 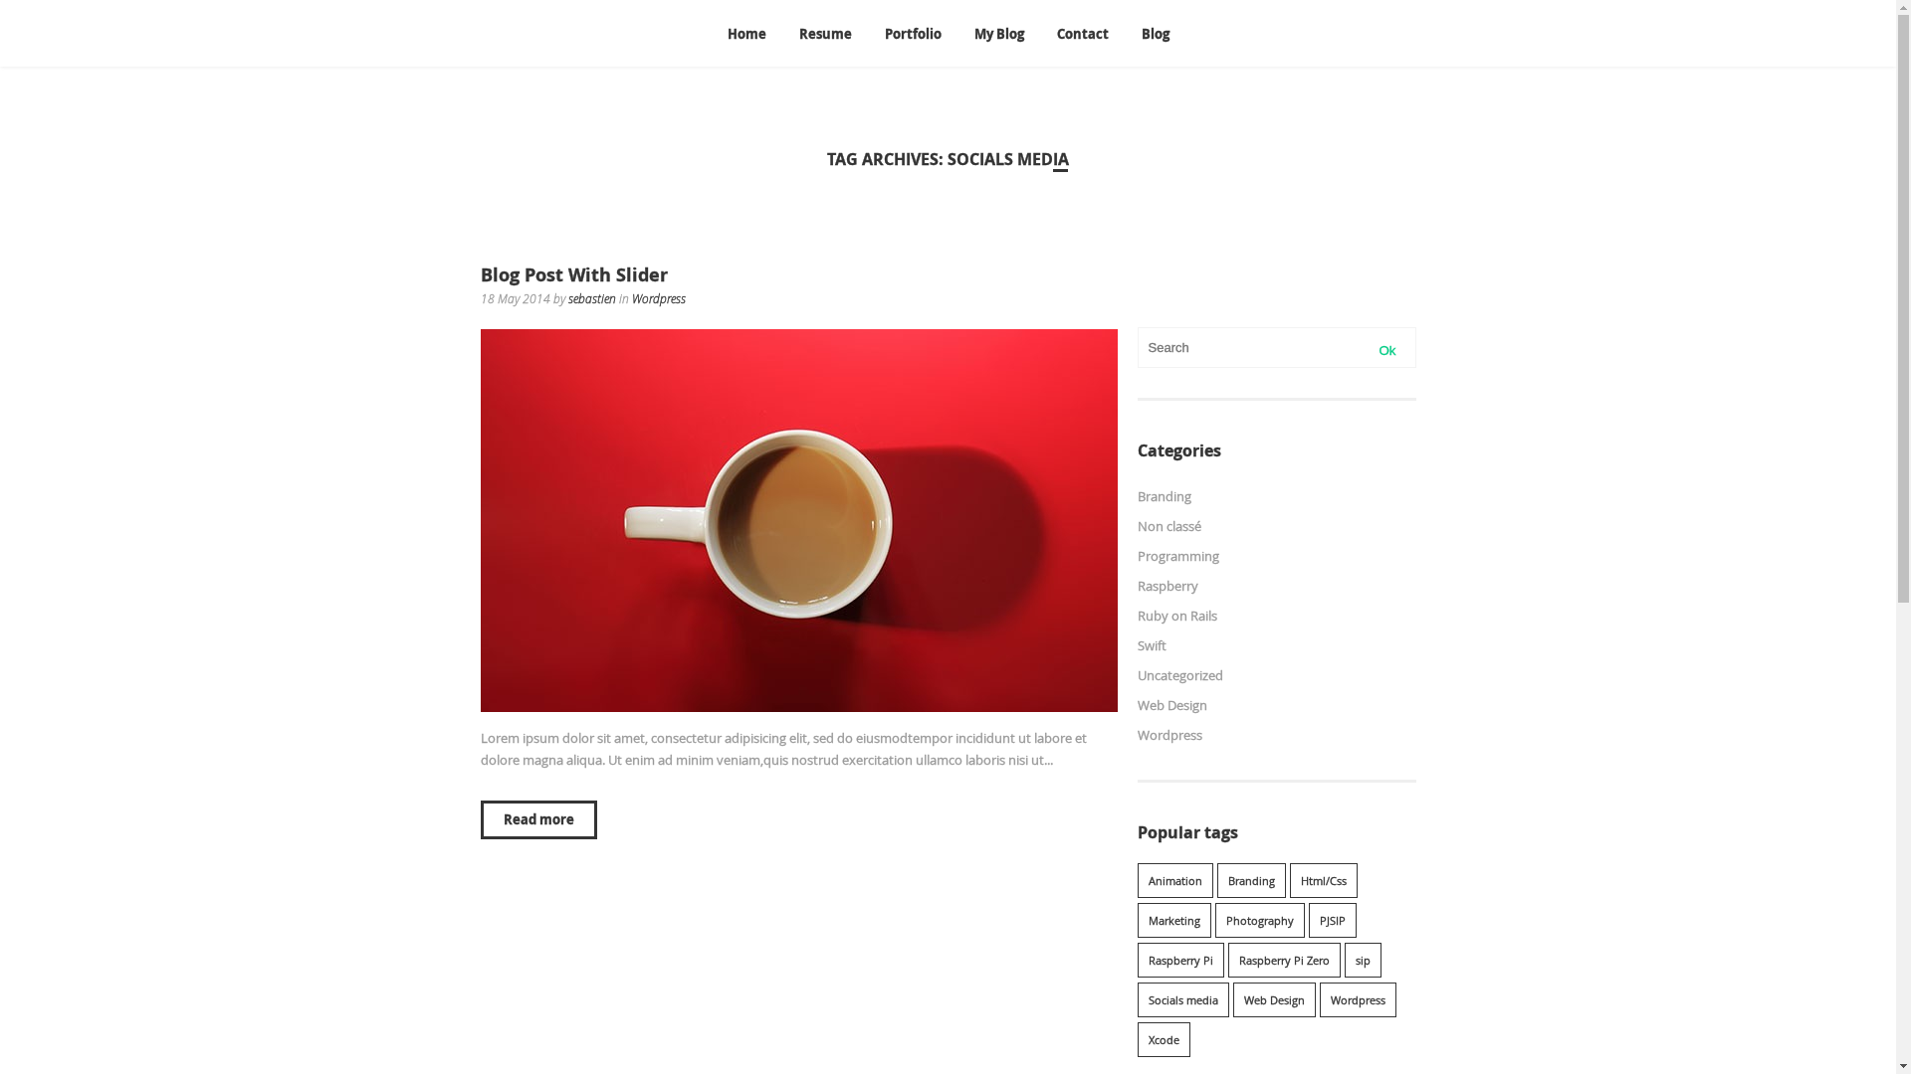 What do you see at coordinates (1127, 34) in the screenshot?
I see `'Blog'` at bounding box center [1127, 34].